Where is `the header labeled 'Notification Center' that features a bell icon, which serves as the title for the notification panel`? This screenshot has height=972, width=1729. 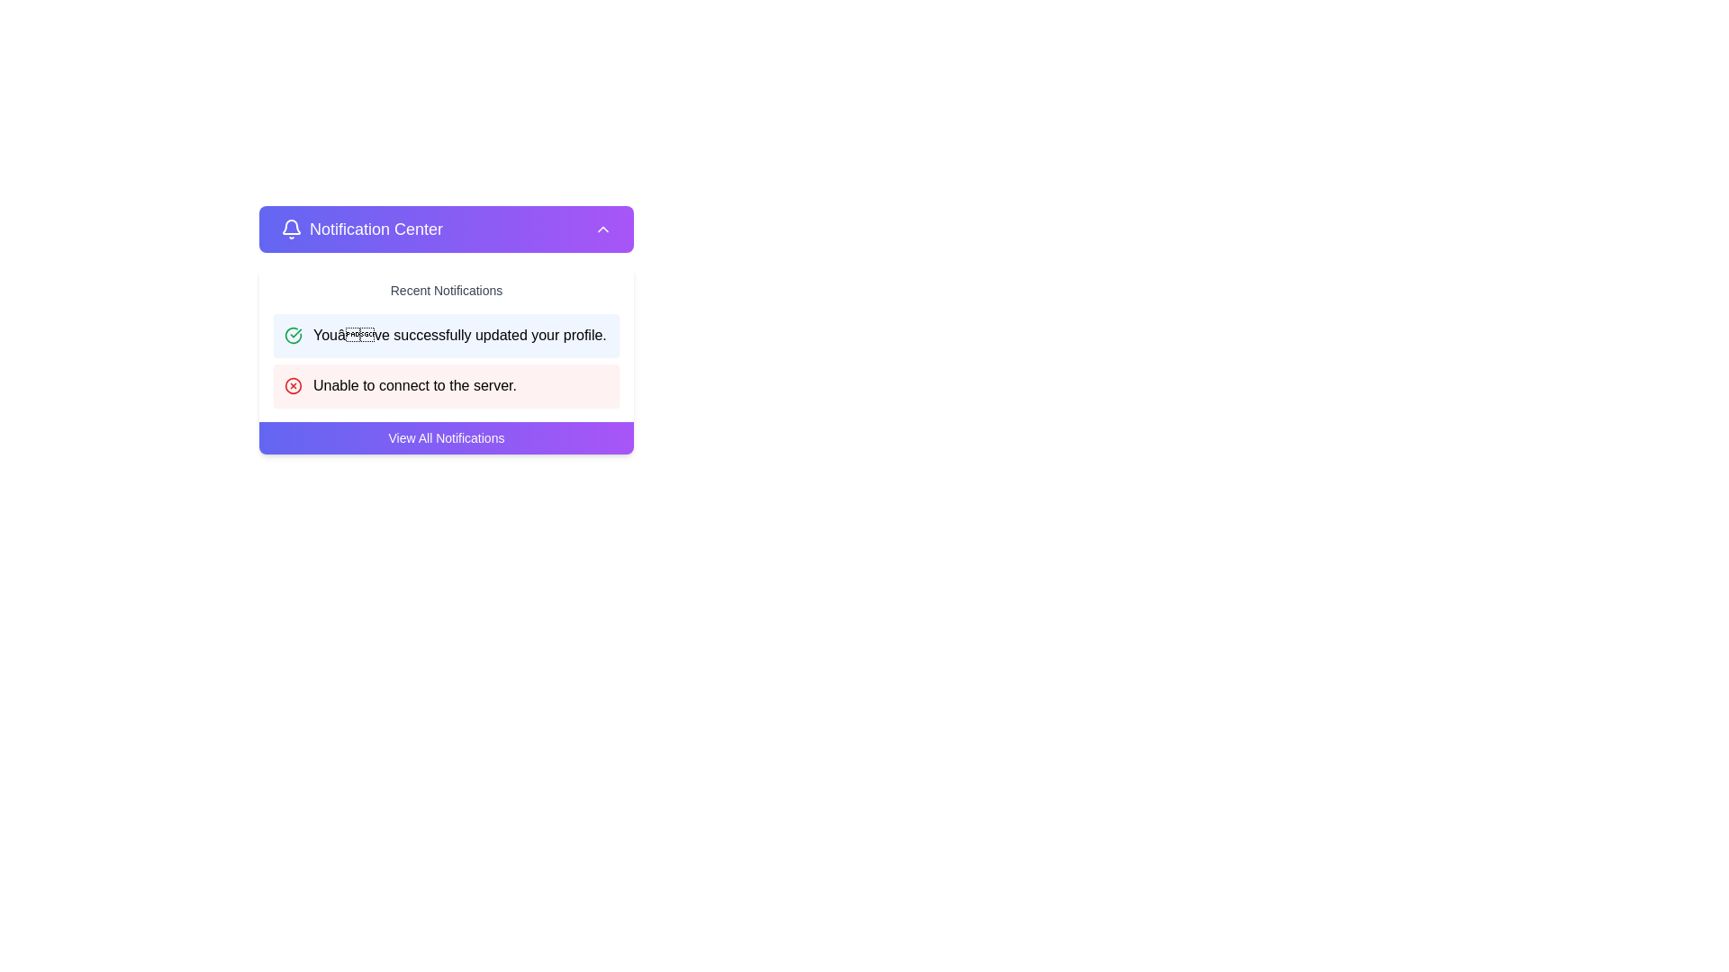 the header labeled 'Notification Center' that features a bell icon, which serves as the title for the notification panel is located at coordinates (361, 228).